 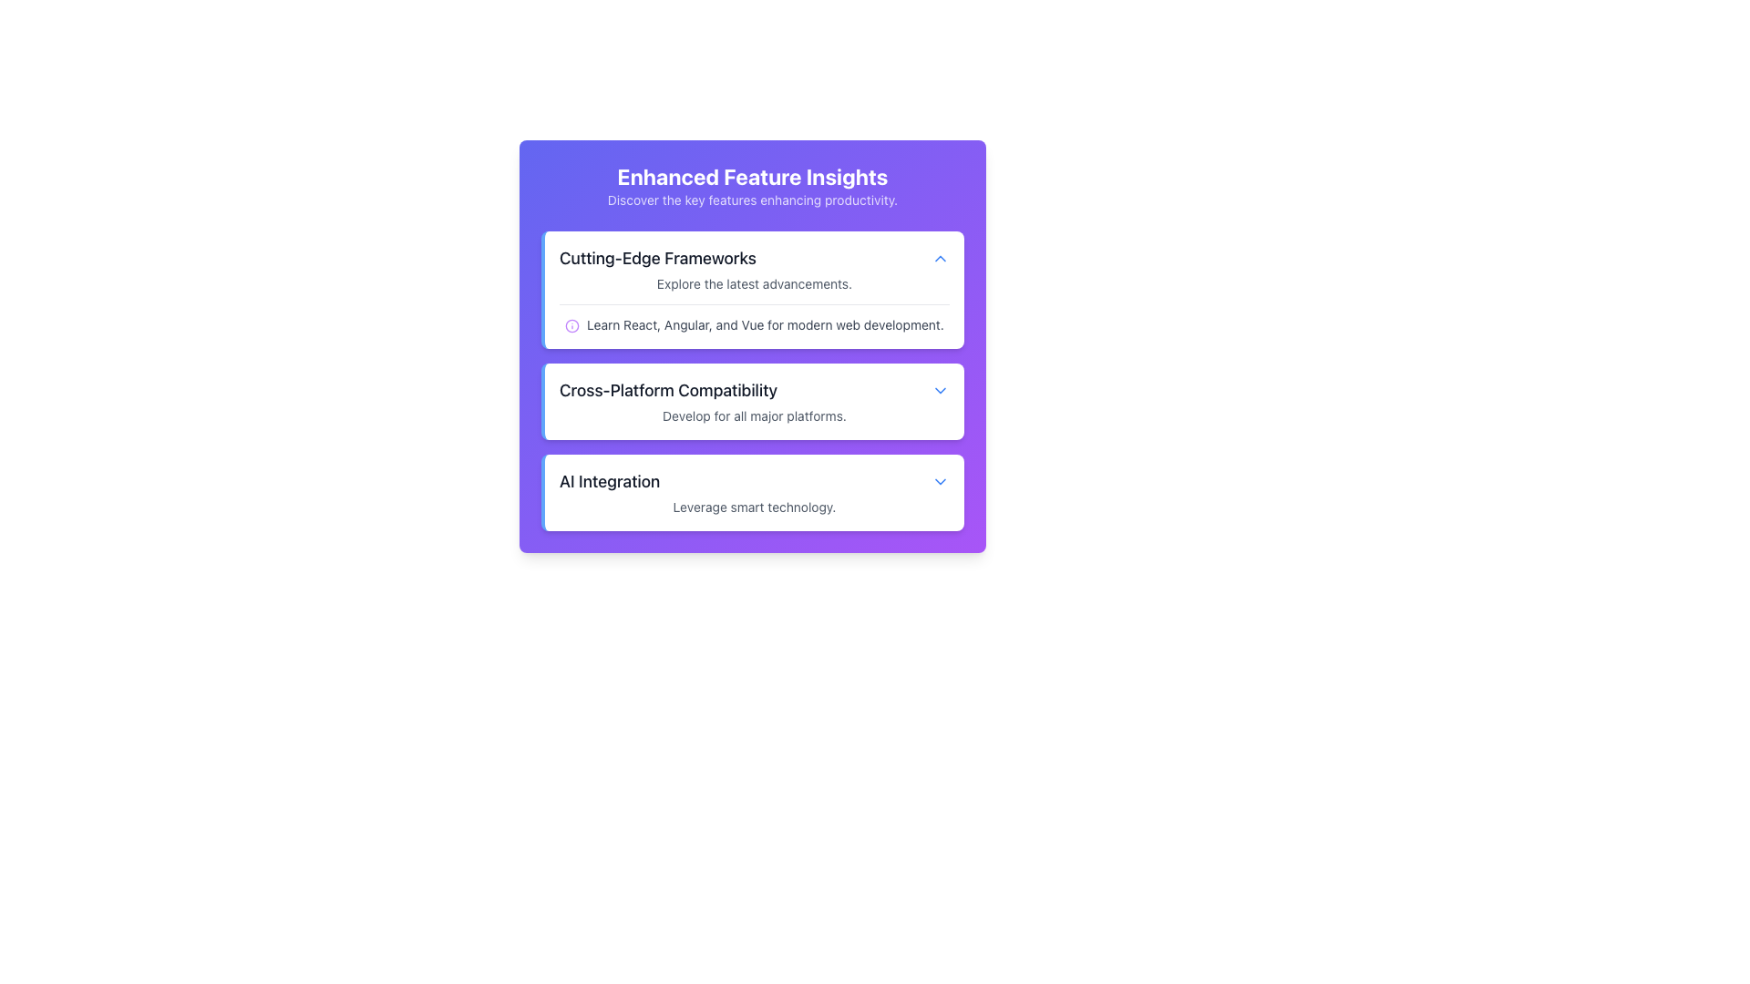 What do you see at coordinates (752, 346) in the screenshot?
I see `text contained within the central card element that has a purple-to-blue gradient background and features bold white titles and smaller muted white descriptions` at bounding box center [752, 346].